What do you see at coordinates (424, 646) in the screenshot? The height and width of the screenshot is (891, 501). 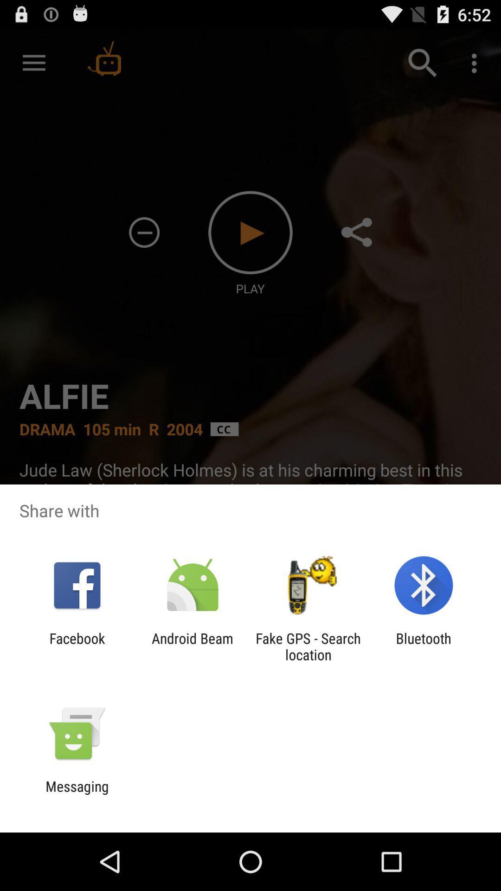 I see `the item next to the fake gps search` at bounding box center [424, 646].